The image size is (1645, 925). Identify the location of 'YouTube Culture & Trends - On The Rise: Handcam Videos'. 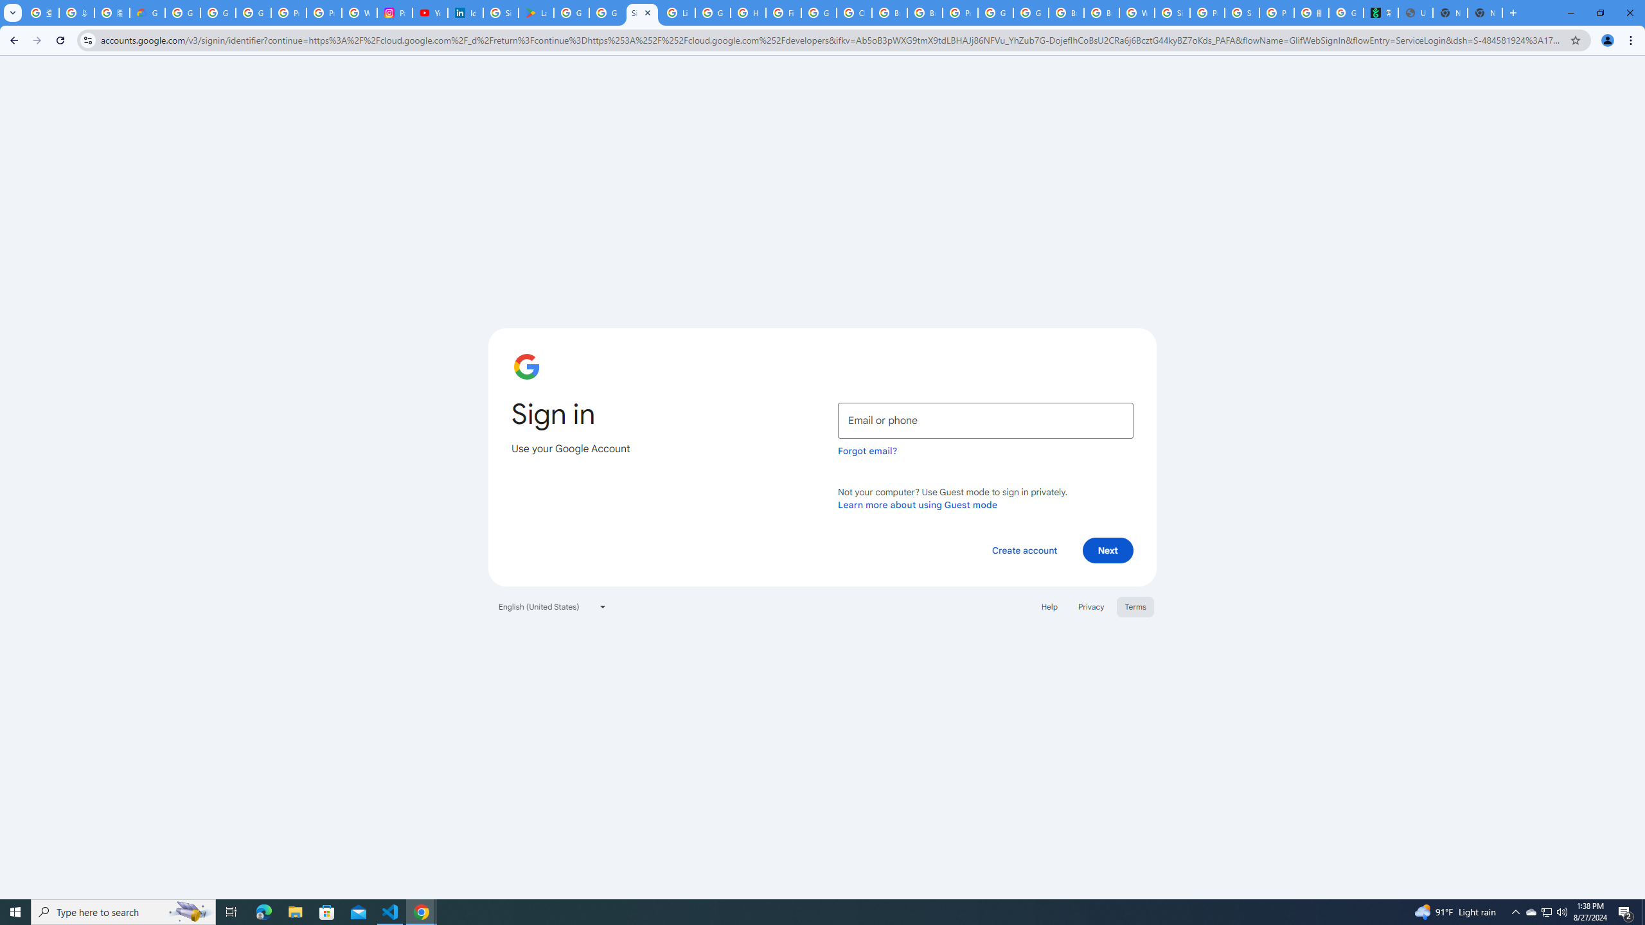
(429, 12).